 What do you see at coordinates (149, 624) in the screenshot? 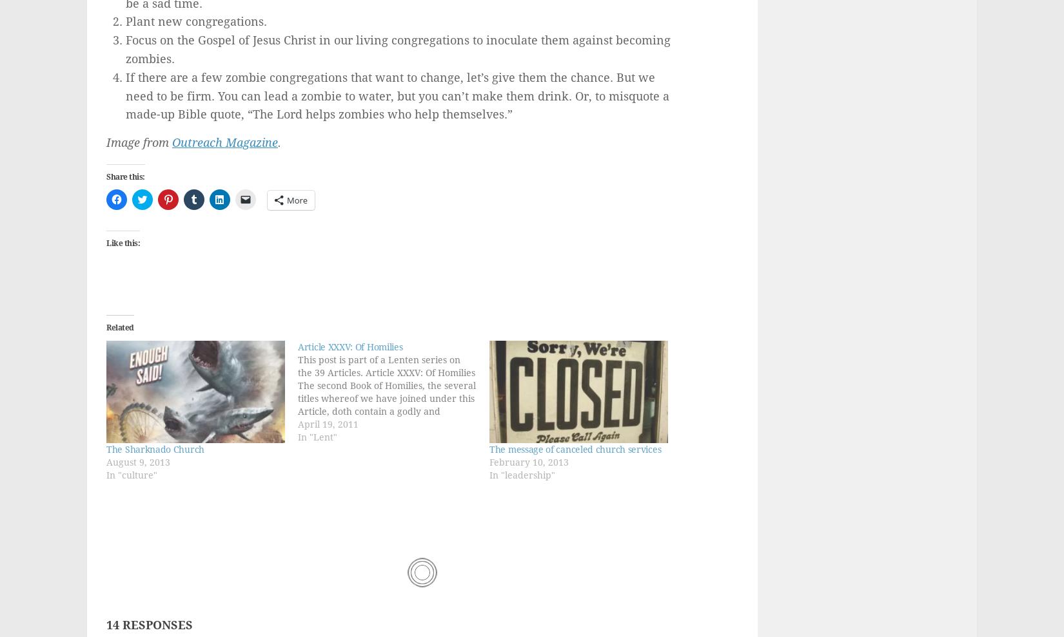
I see `'14 Responses'` at bounding box center [149, 624].